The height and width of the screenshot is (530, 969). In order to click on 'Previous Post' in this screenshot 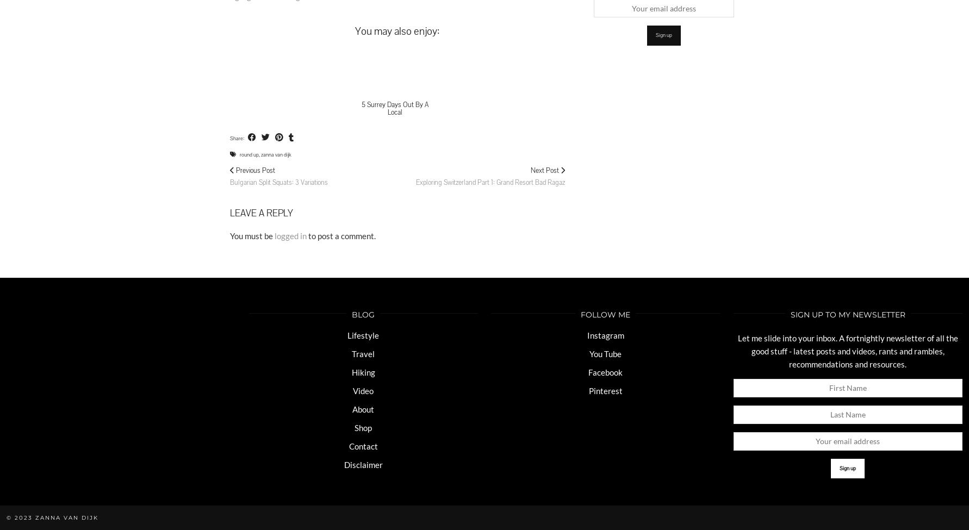, I will do `click(254, 169)`.